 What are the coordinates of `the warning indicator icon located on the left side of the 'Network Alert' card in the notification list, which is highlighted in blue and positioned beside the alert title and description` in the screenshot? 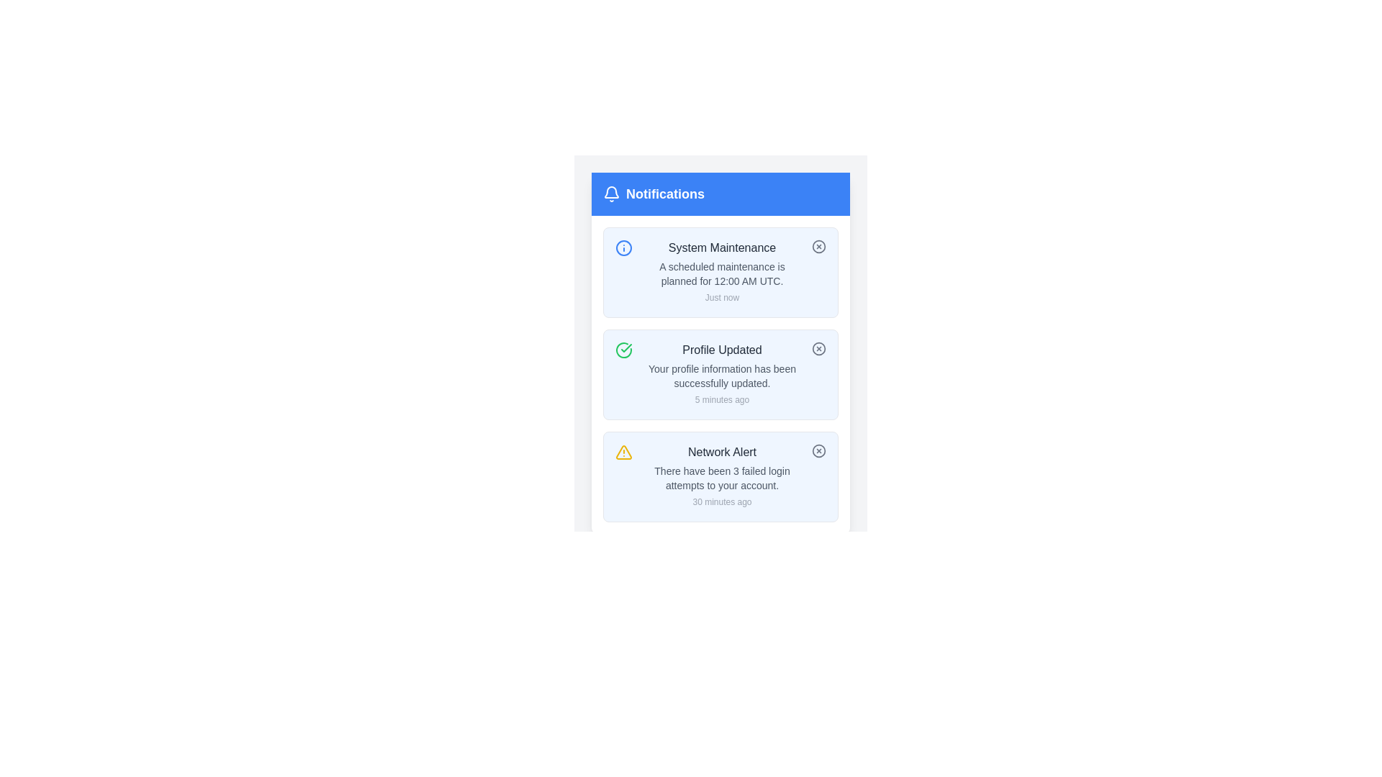 It's located at (624, 451).